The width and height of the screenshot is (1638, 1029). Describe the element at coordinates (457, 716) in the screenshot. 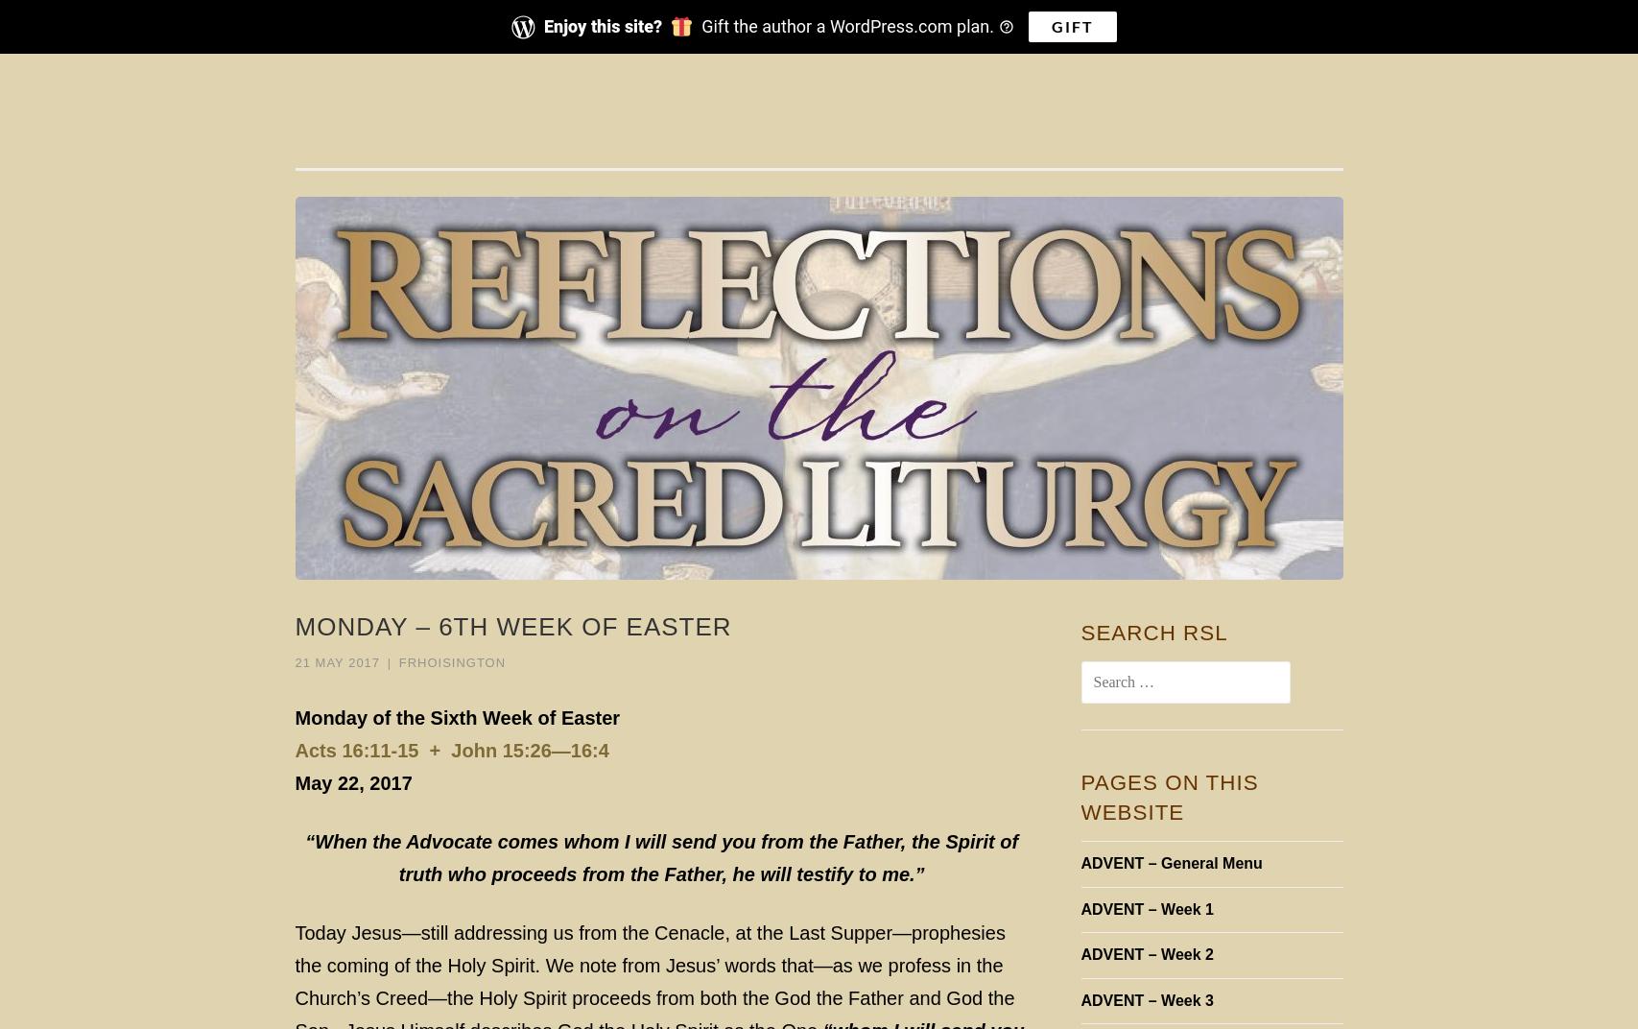

I see `'Monday of the Sixth Week of Easter'` at that location.